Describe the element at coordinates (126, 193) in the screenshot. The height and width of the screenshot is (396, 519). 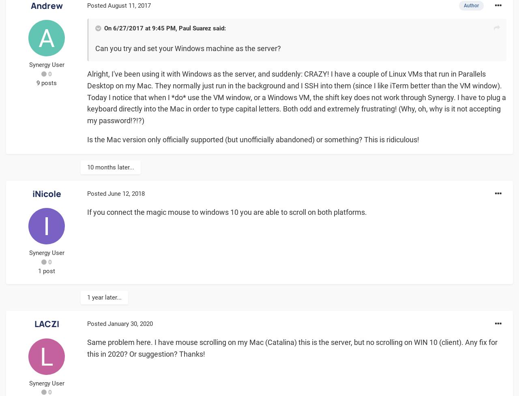
I see `'June 12, 2018'` at that location.